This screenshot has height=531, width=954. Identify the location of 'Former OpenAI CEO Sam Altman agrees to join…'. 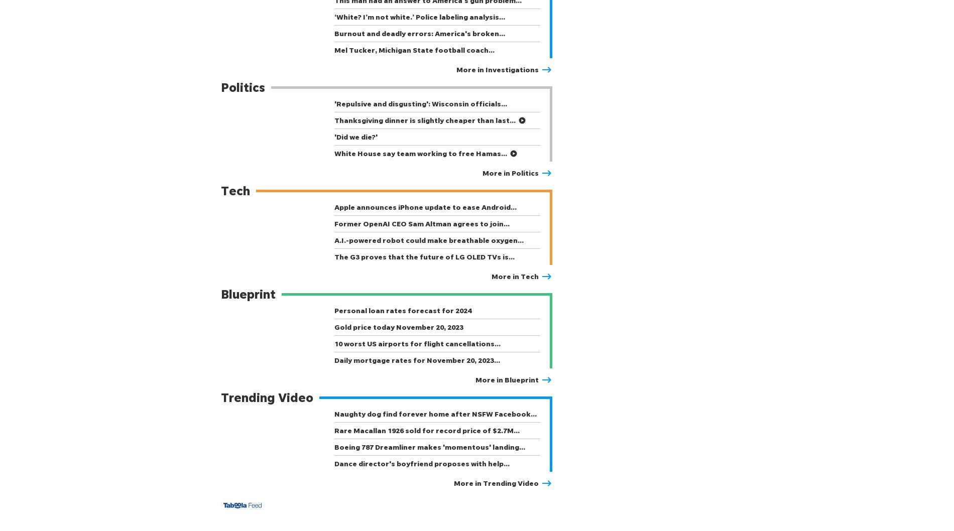
(334, 223).